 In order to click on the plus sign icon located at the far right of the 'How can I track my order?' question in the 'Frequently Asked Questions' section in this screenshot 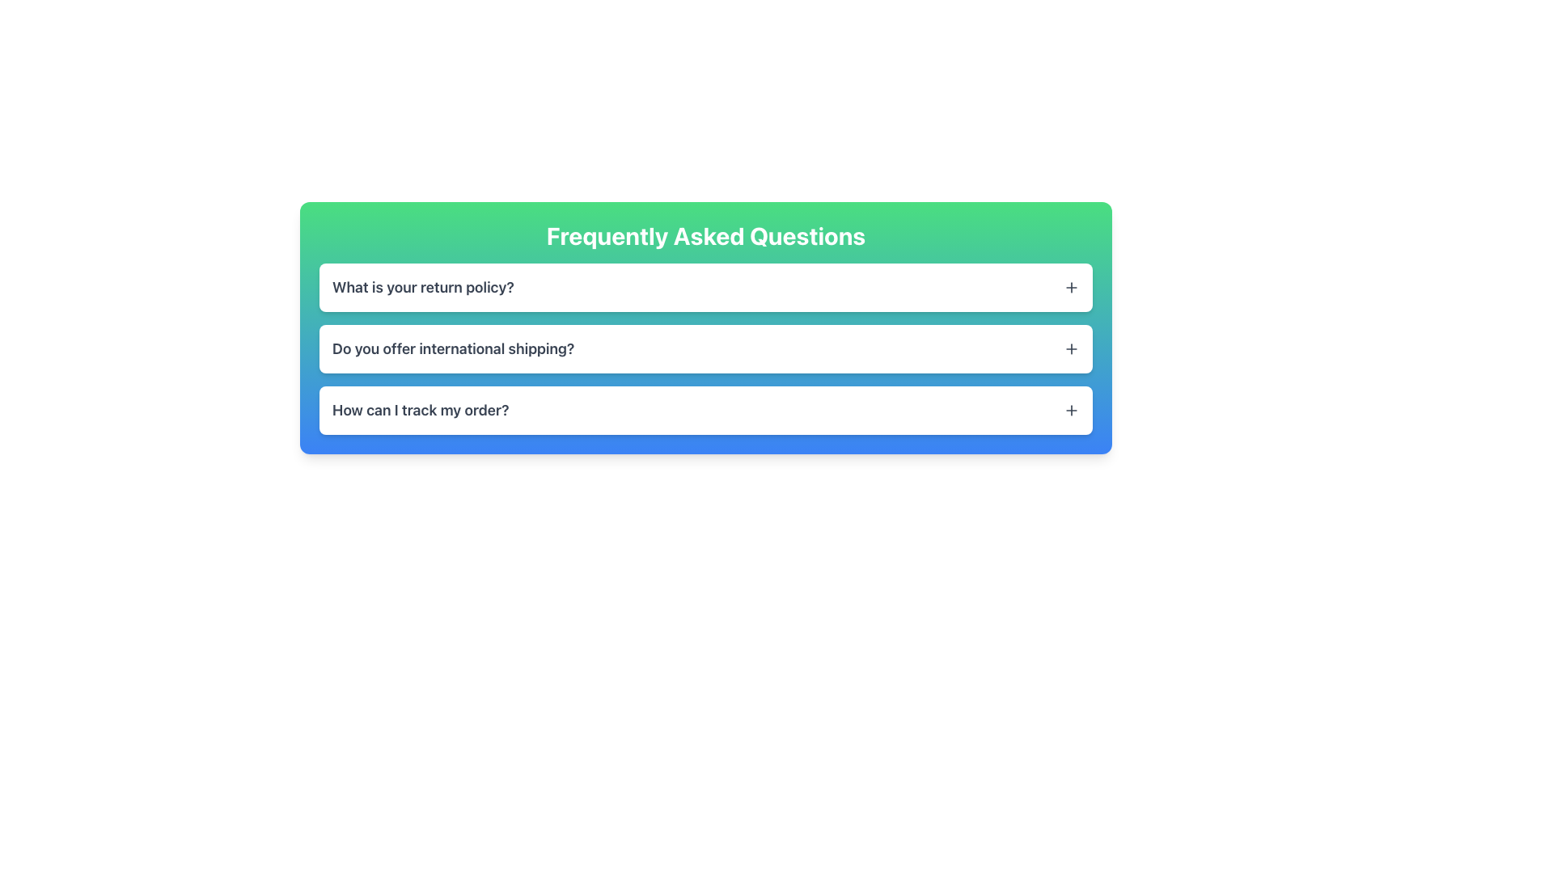, I will do `click(1071, 410)`.